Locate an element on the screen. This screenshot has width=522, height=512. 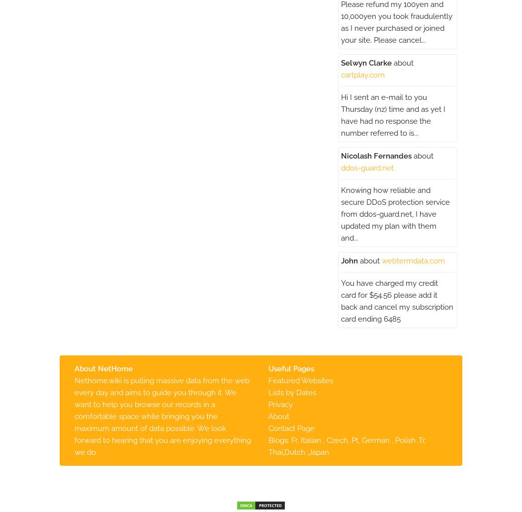
'Nicolash Fernandes' is located at coordinates (376, 155).